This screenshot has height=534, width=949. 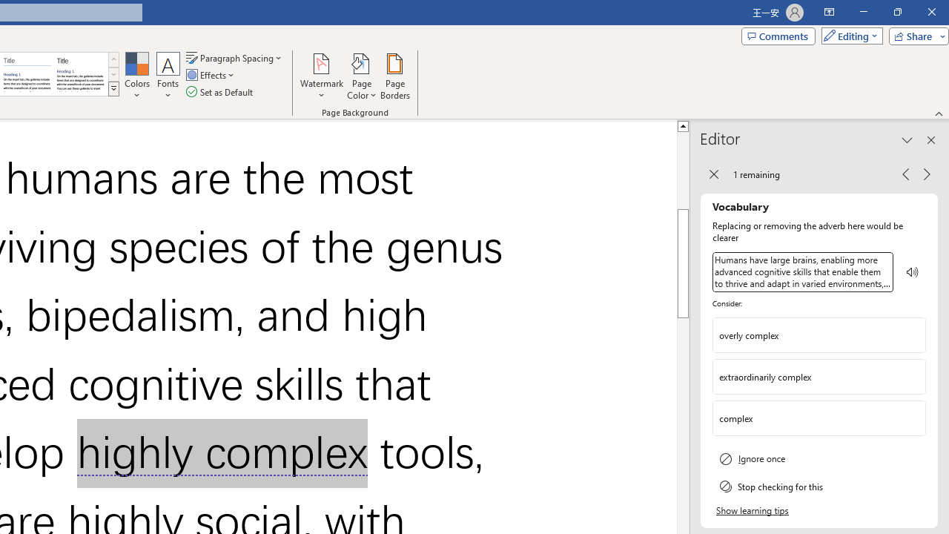 I want to click on 'Set as Default', so click(x=220, y=92).